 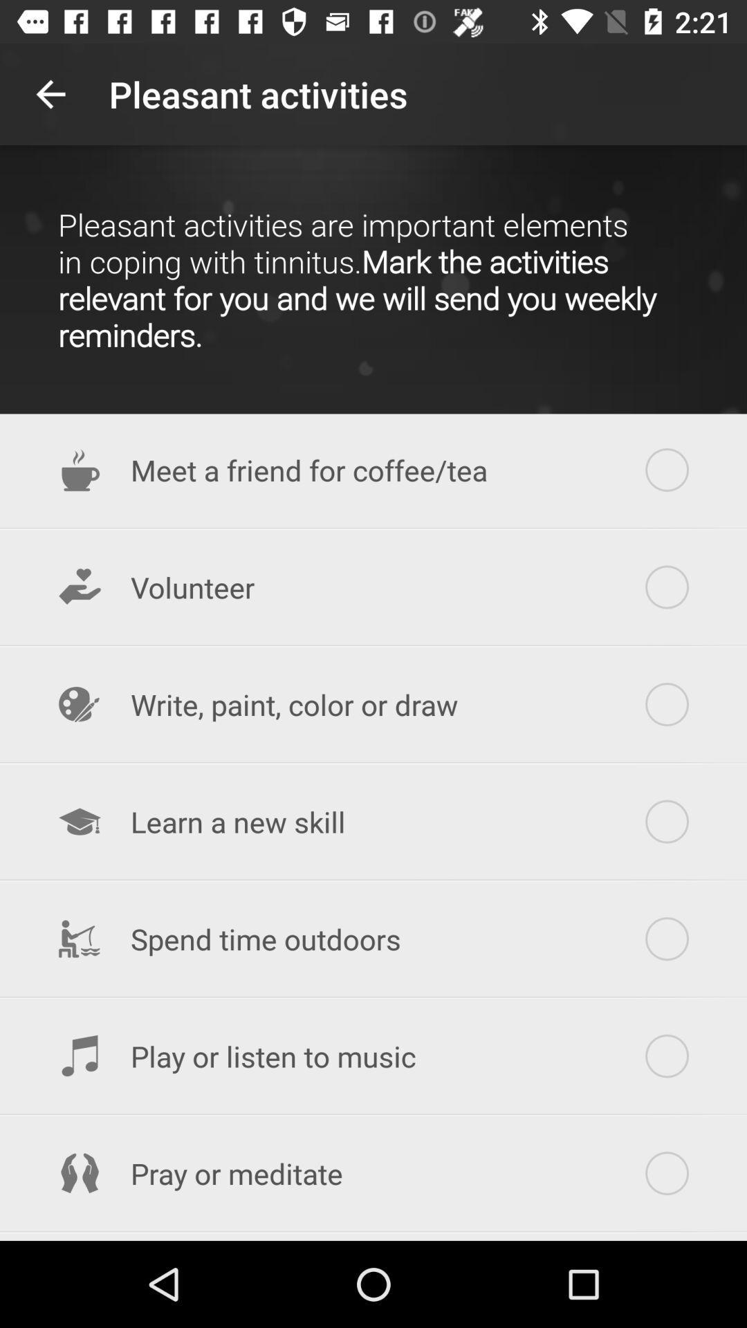 What do you see at coordinates (373, 939) in the screenshot?
I see `the spend time outdoors item` at bounding box center [373, 939].